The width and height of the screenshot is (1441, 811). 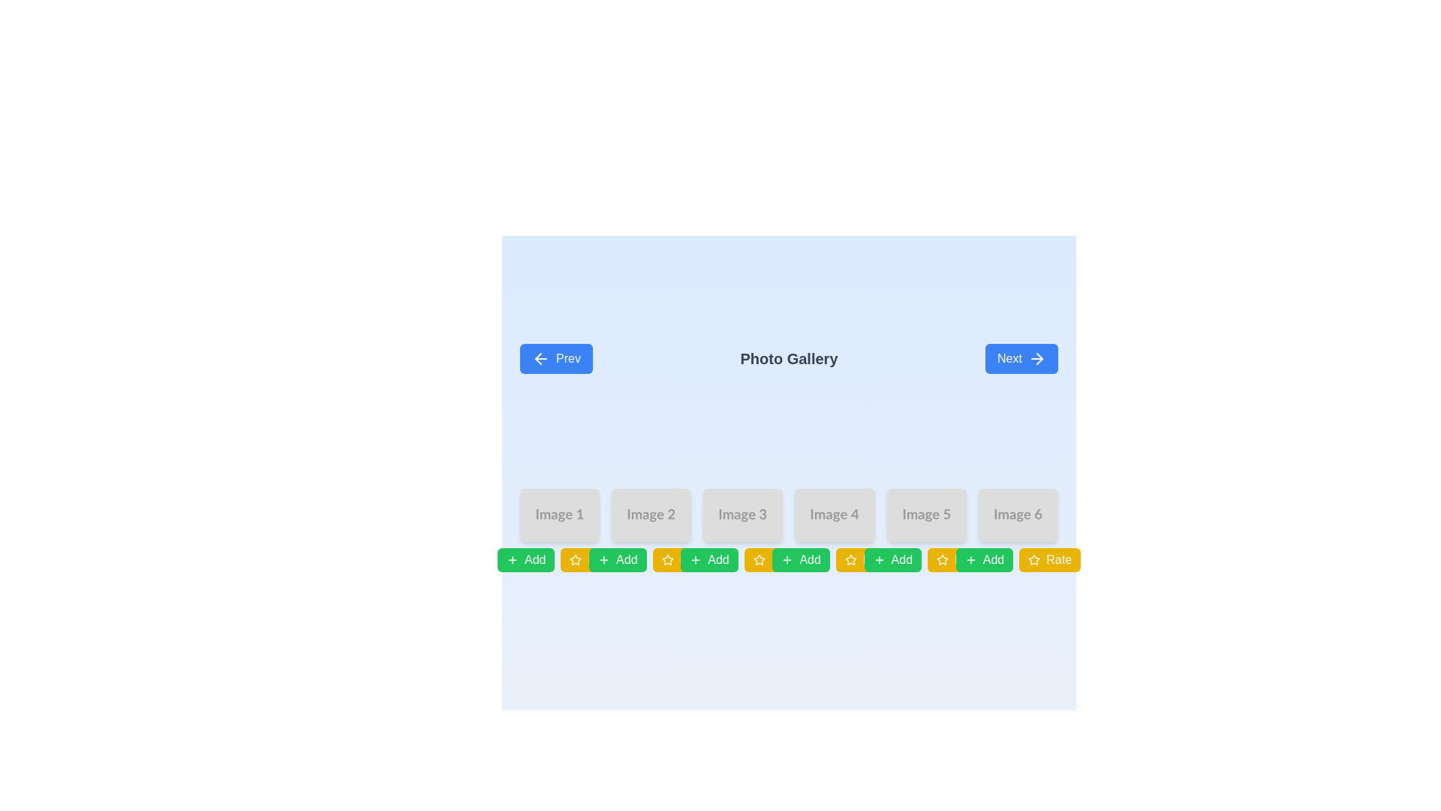 I want to click on the 'Prev' button which contains the left-arrow icon, located on the top-left side of the interface adjacent to the 'Photo Gallery' header, so click(x=540, y=359).